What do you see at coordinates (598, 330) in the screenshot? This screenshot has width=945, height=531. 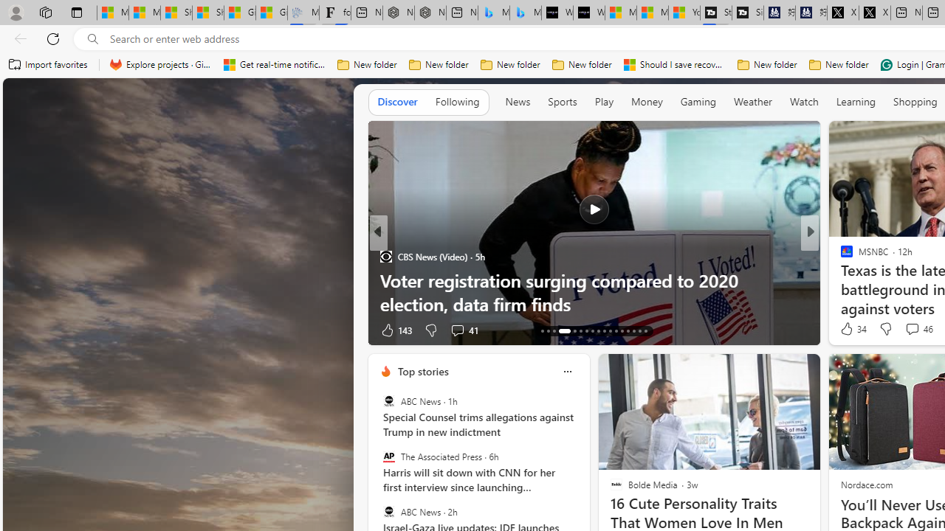 I see `'AutomationID: tab-21'` at bounding box center [598, 330].